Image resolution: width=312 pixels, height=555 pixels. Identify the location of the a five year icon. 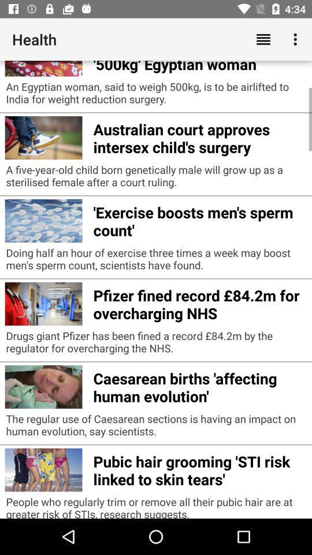
(156, 179).